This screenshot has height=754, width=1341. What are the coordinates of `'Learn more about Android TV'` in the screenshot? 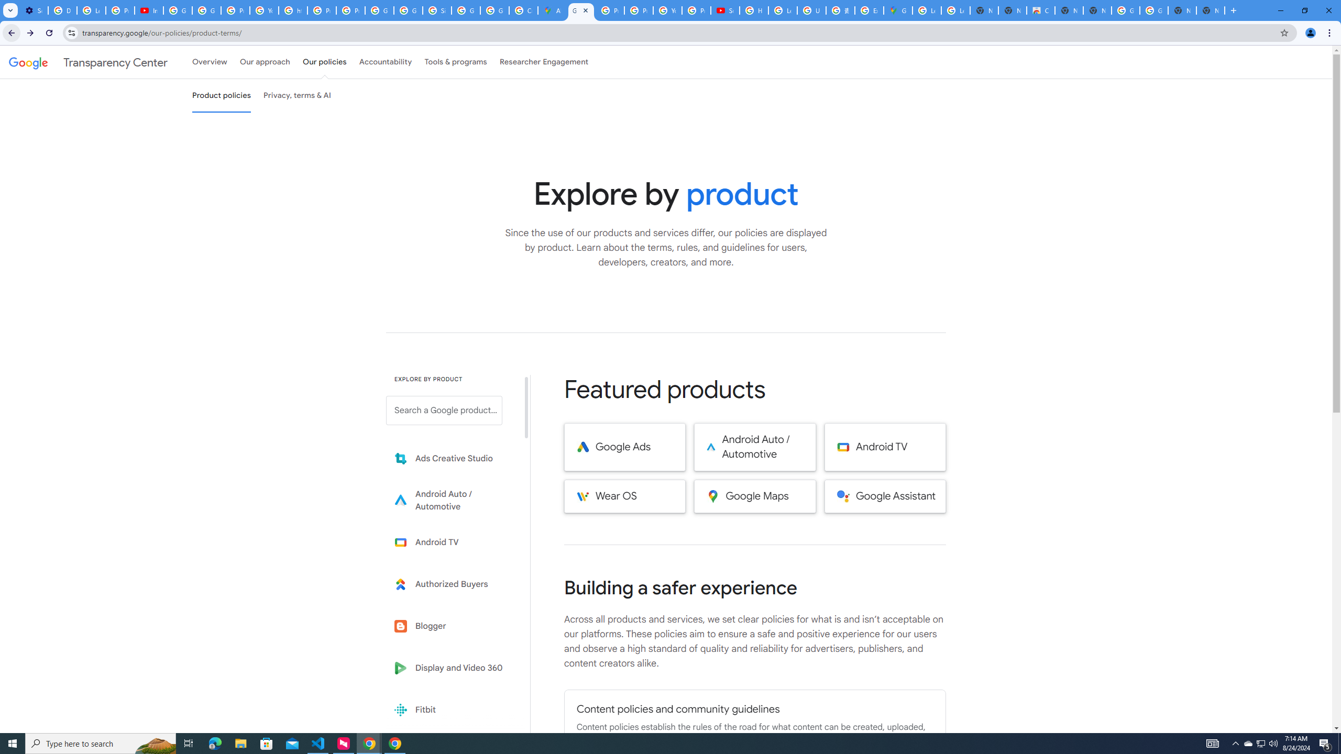 It's located at (451, 542).